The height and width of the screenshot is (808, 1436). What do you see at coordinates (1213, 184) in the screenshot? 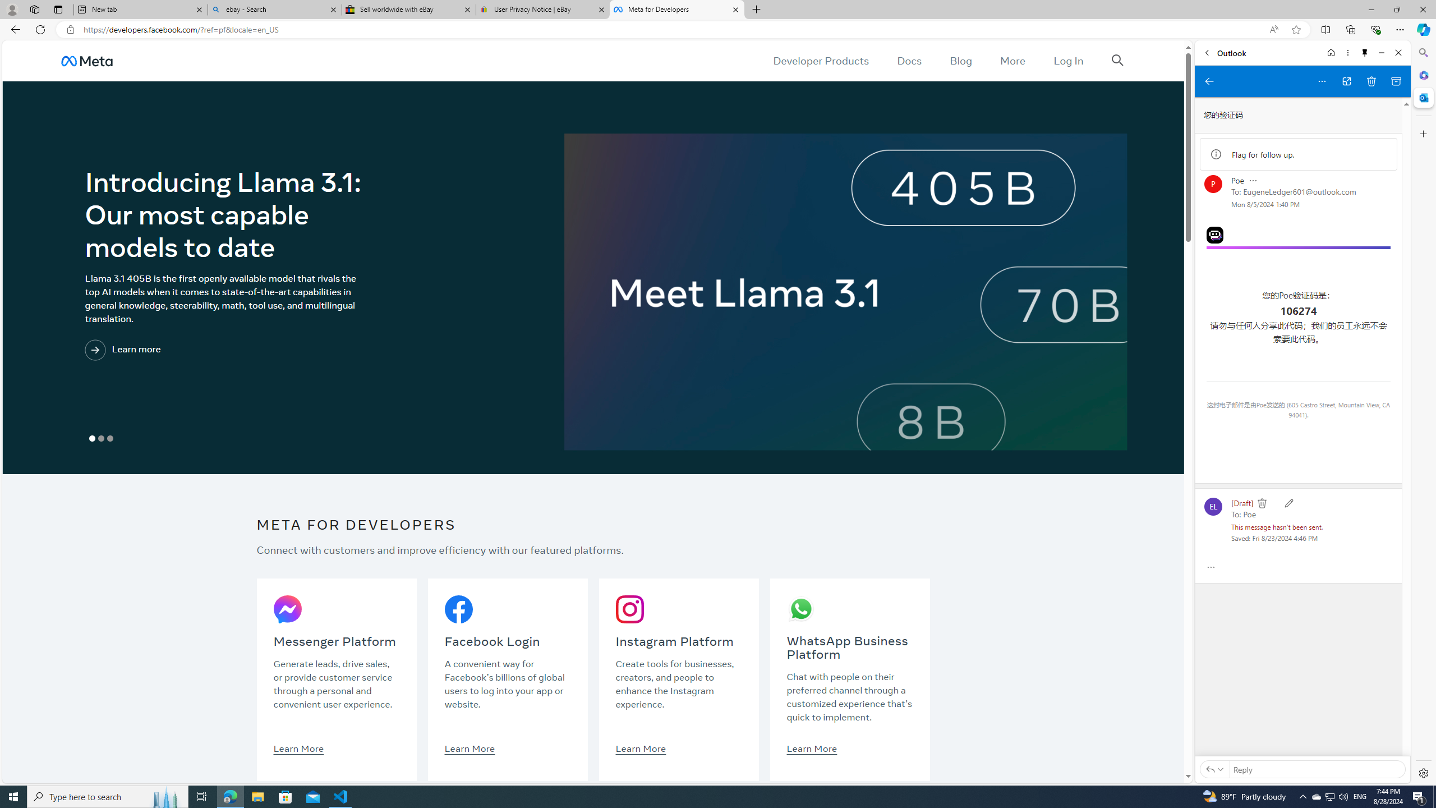
I see `'Contact card for Poe'` at bounding box center [1213, 184].